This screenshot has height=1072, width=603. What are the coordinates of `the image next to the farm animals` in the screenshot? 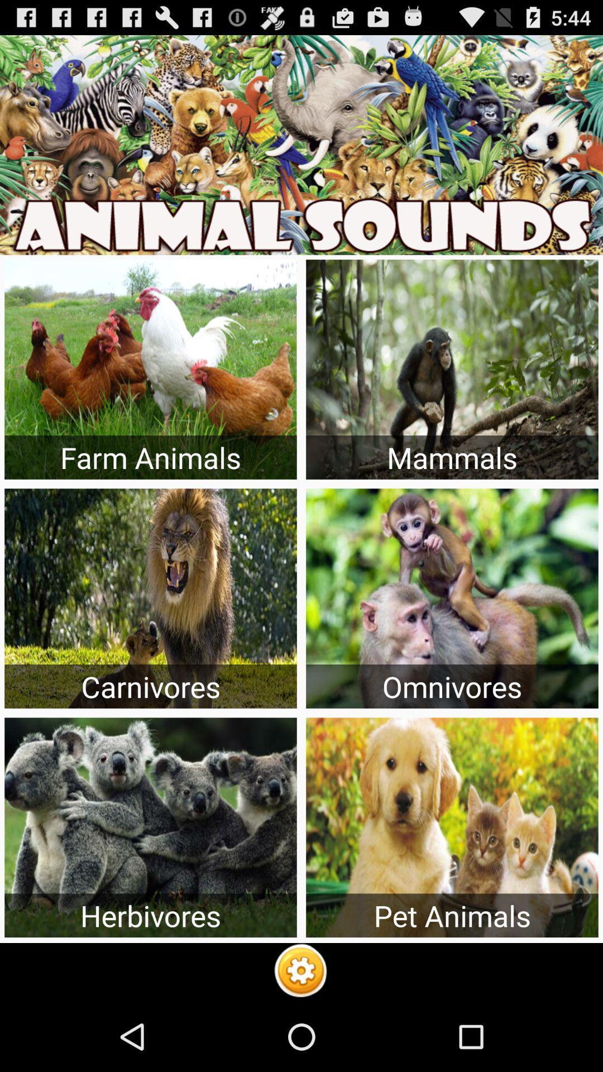 It's located at (452, 370).